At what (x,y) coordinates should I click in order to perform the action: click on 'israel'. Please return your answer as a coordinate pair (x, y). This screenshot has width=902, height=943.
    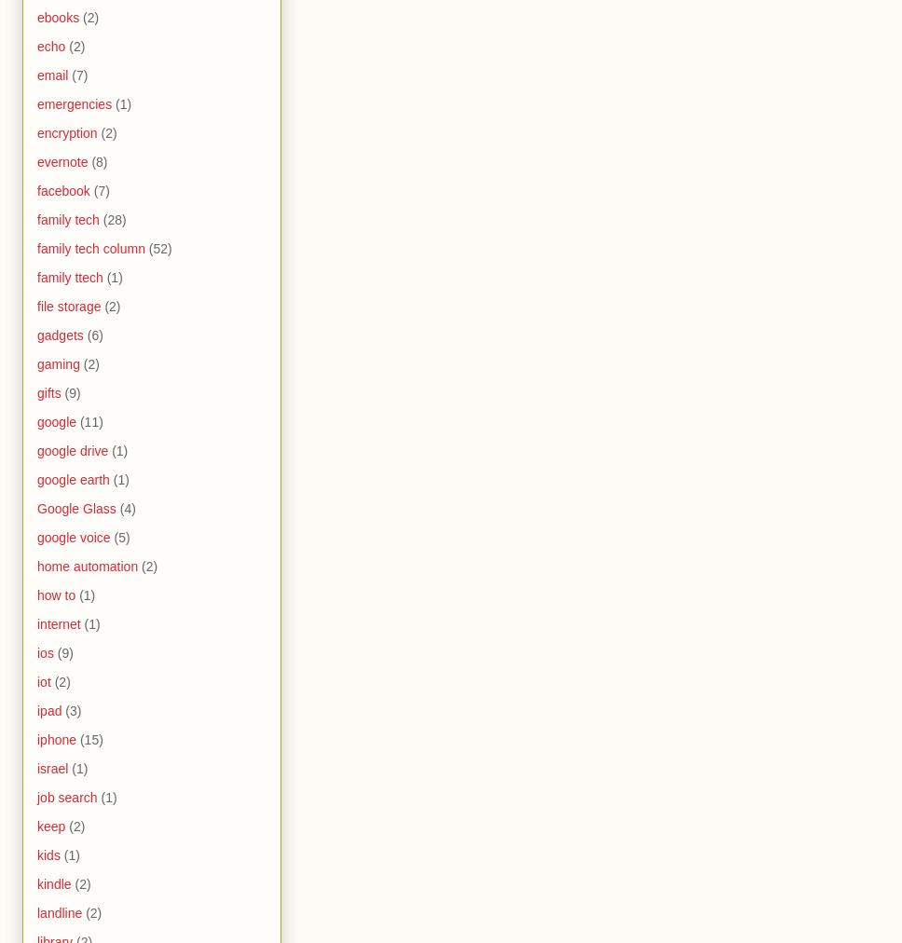
    Looking at the image, I should click on (36, 767).